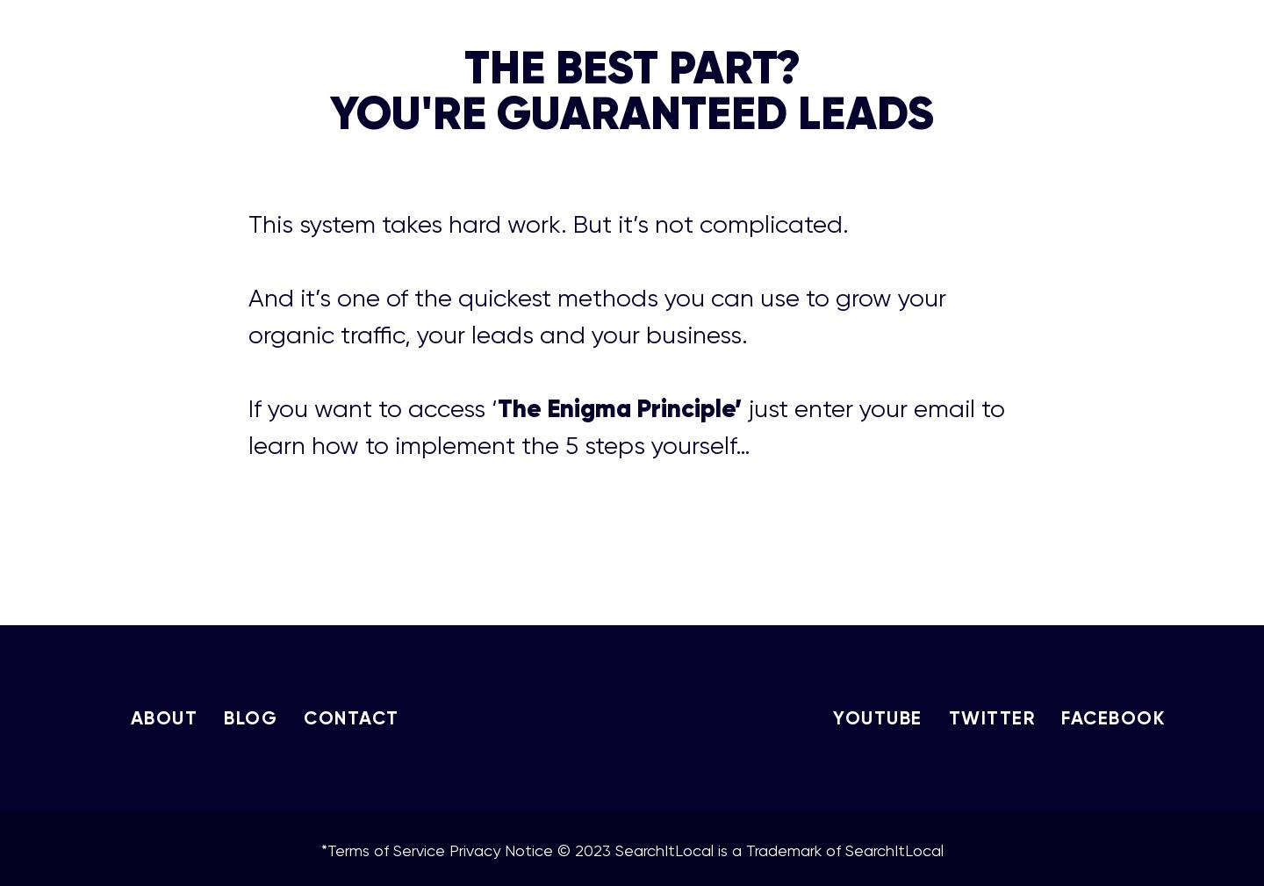 The height and width of the screenshot is (886, 1264). I want to click on 'Privacy Notice', so click(499, 849).